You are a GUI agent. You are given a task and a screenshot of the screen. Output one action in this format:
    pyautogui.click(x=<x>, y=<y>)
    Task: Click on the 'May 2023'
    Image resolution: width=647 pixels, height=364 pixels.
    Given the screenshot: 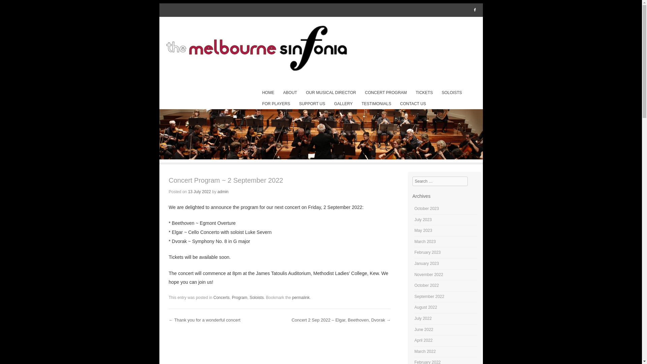 What is the action you would take?
    pyautogui.click(x=423, y=230)
    